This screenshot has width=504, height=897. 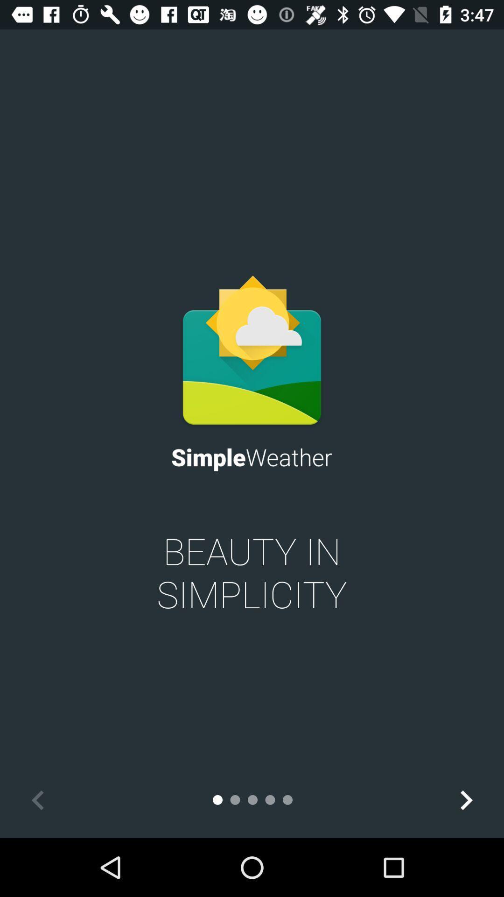 I want to click on the icon at the bottom right corner, so click(x=466, y=799).